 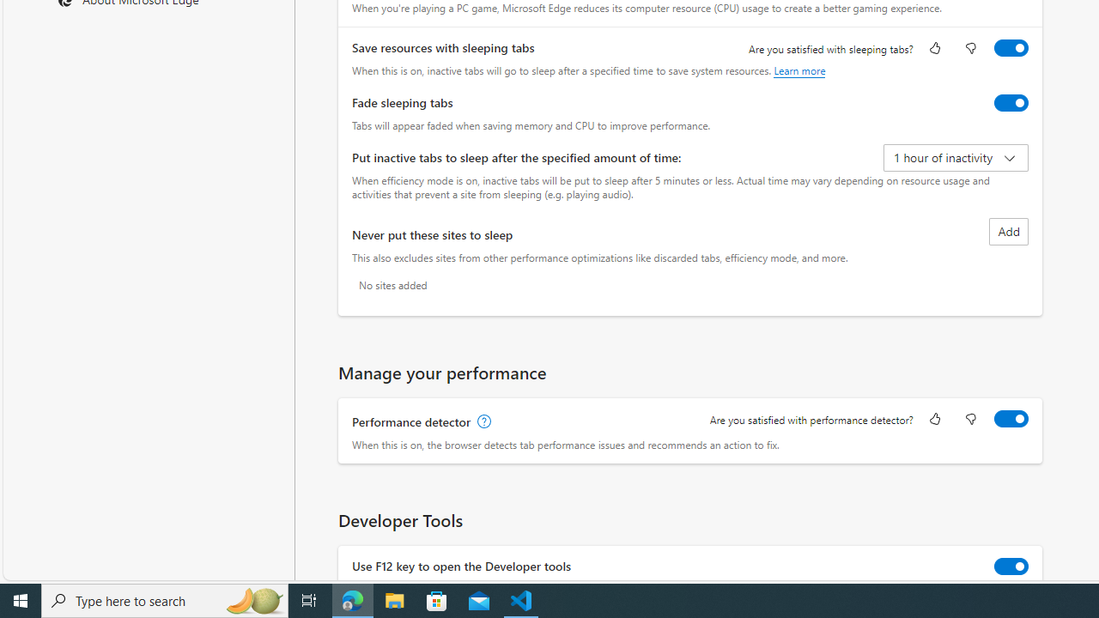 What do you see at coordinates (798, 70) in the screenshot?
I see `'Learn more'` at bounding box center [798, 70].